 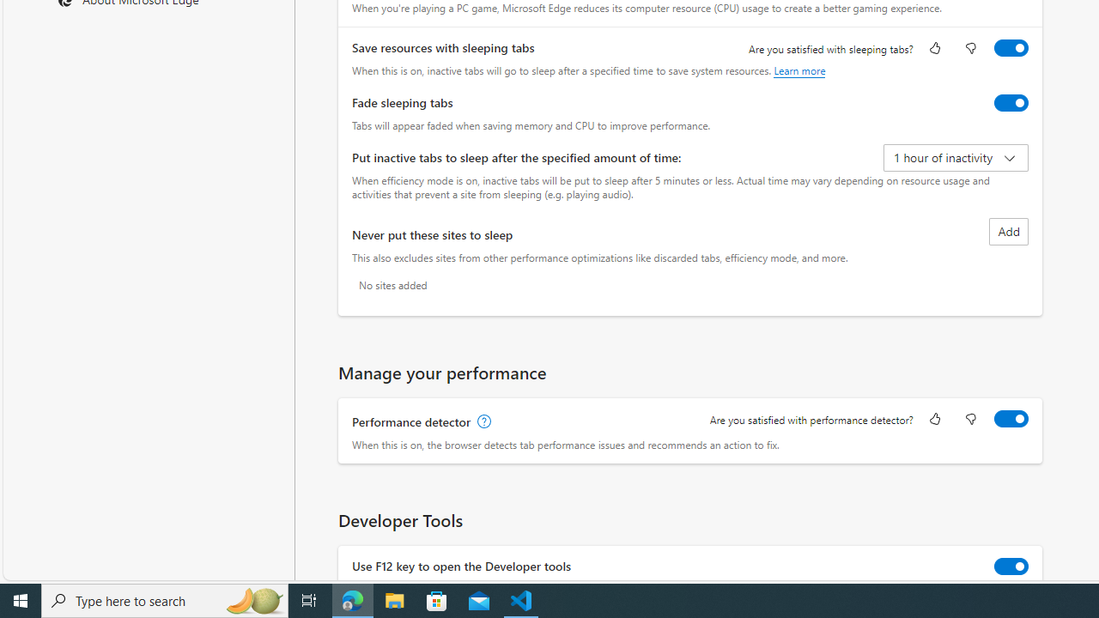 What do you see at coordinates (798, 70) in the screenshot?
I see `'Learn more'` at bounding box center [798, 70].